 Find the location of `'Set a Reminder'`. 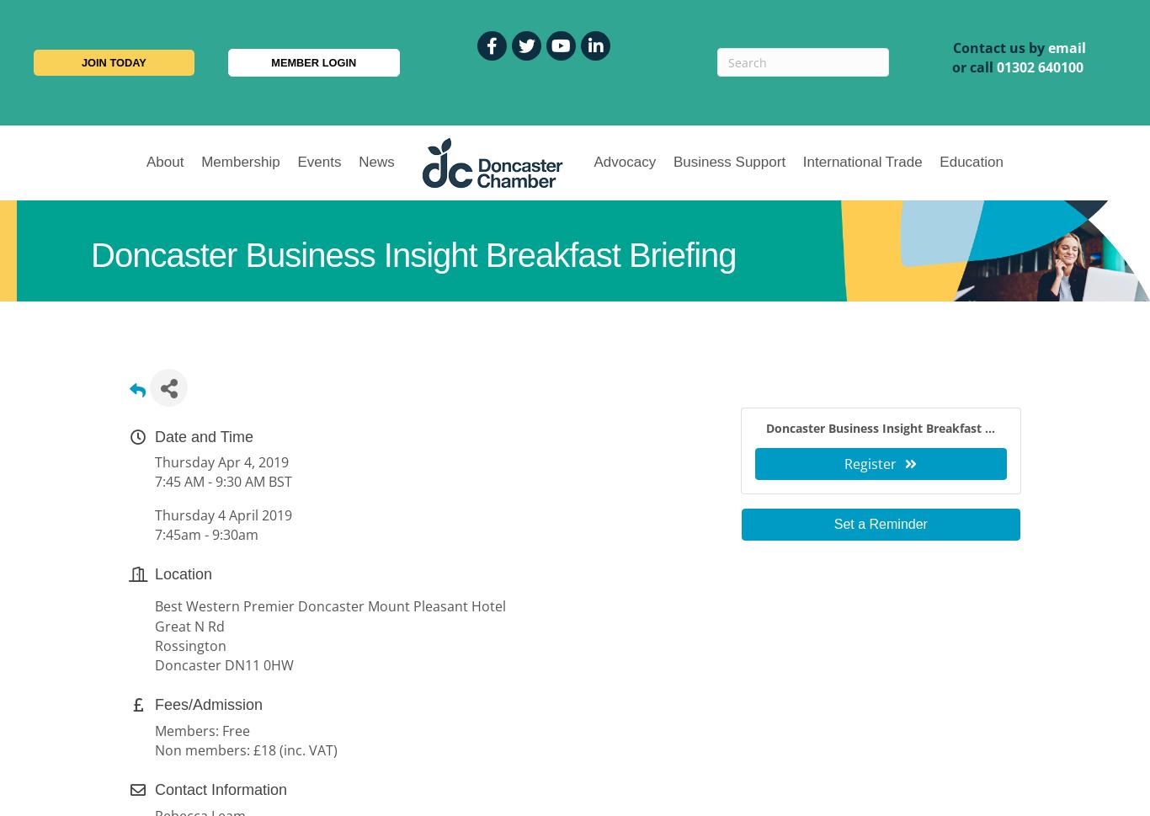

'Set a Reminder' is located at coordinates (879, 524).